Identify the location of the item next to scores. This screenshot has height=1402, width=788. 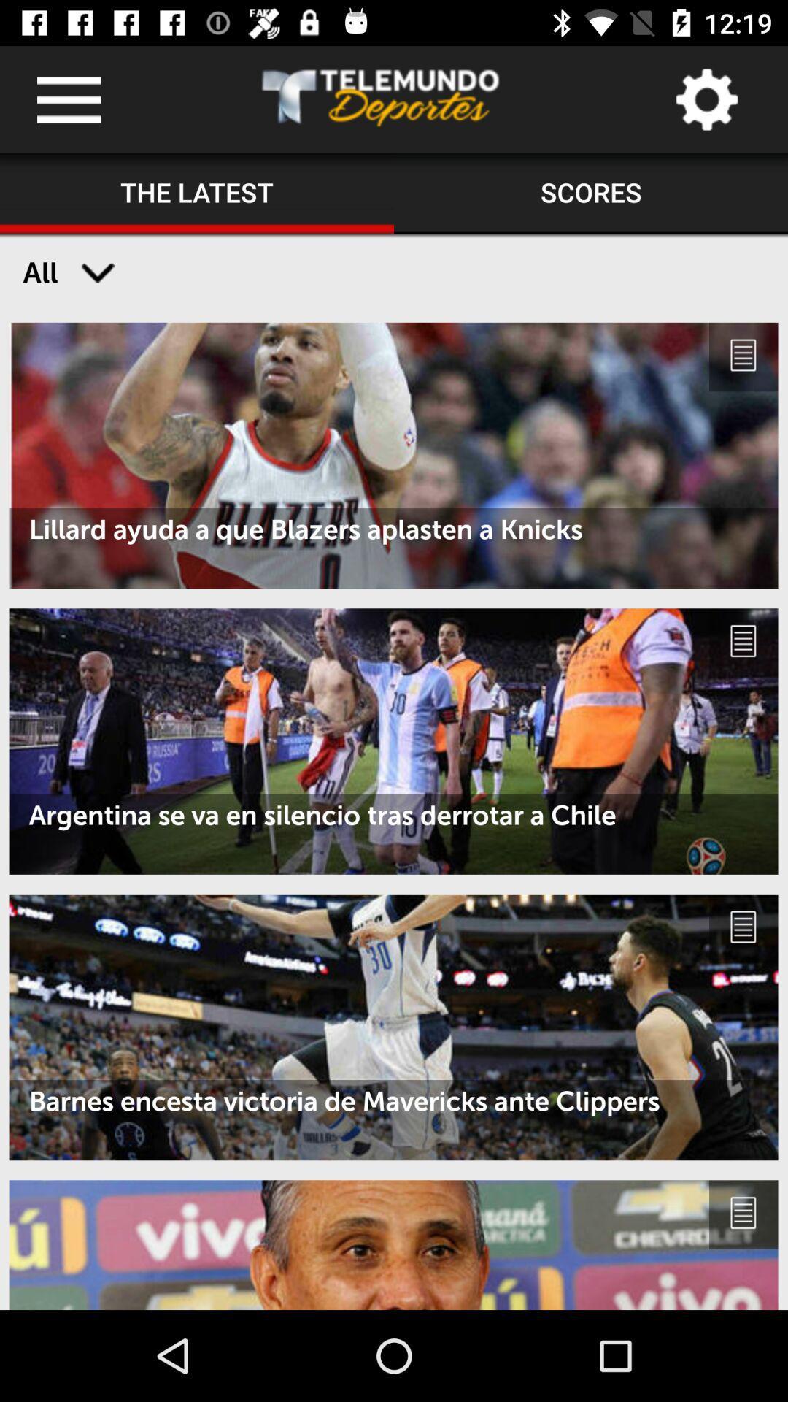
(197, 193).